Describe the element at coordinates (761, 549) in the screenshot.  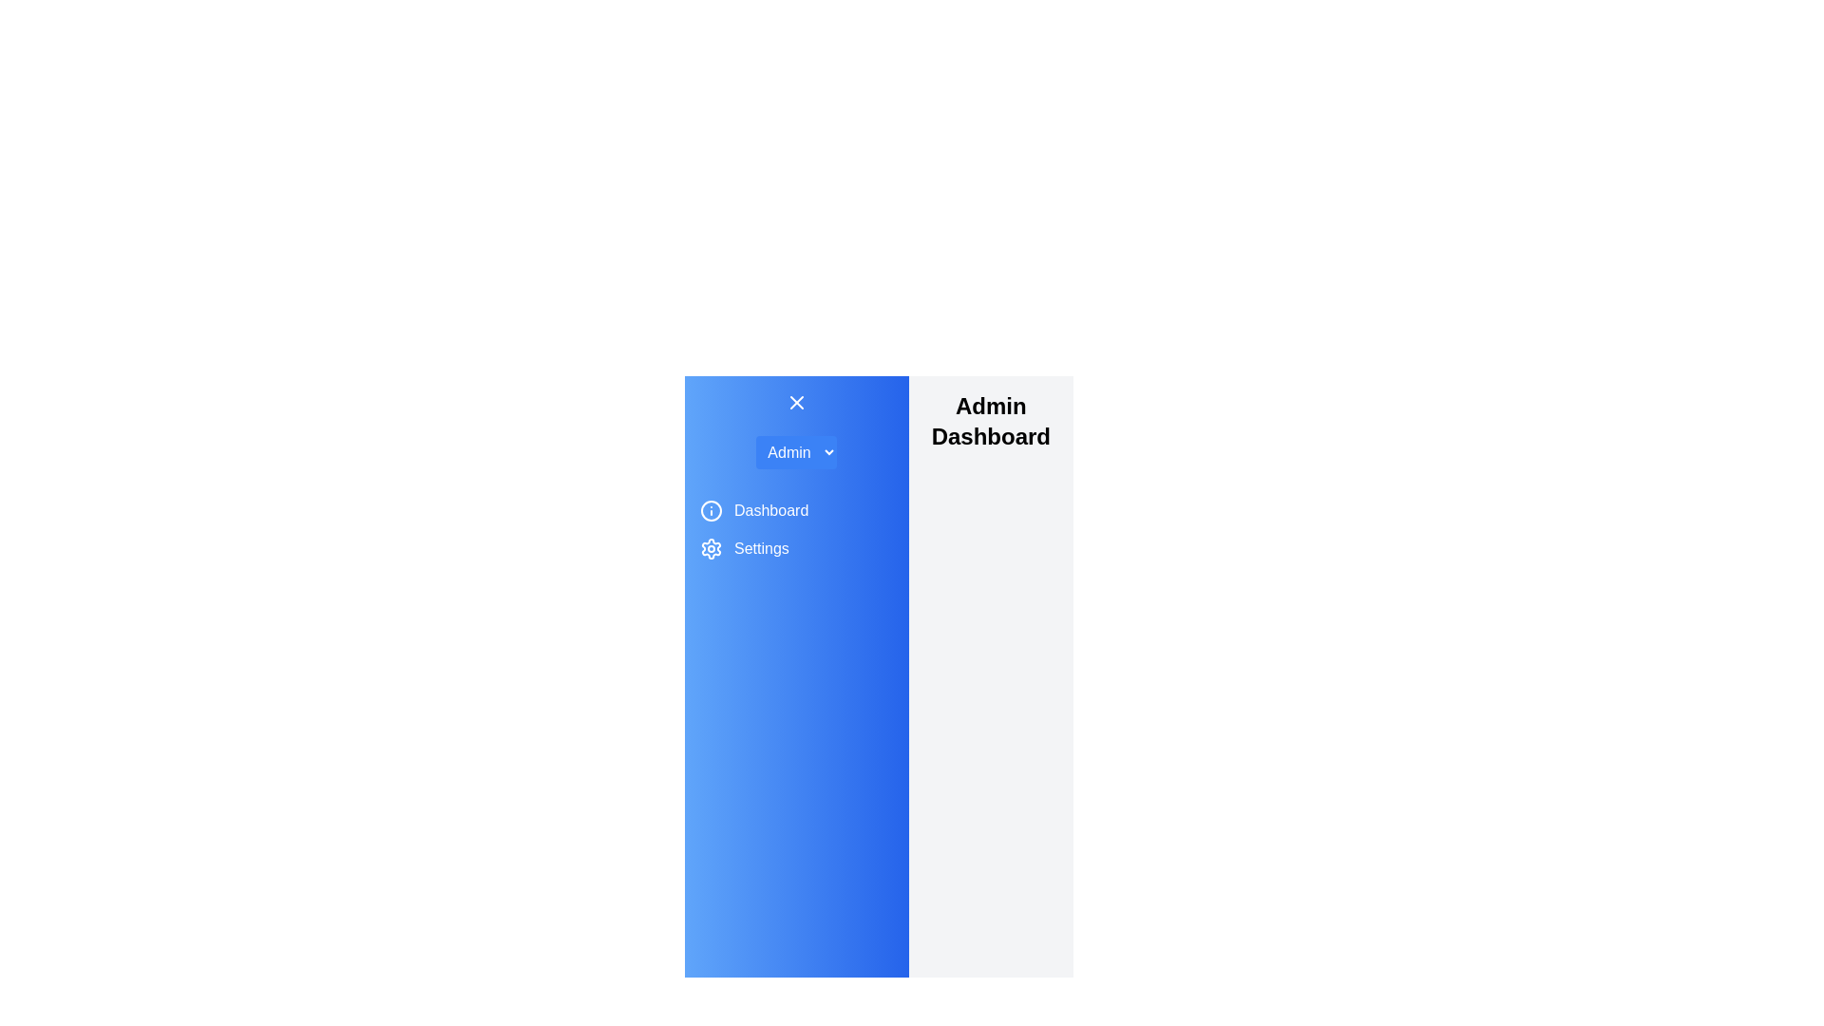
I see `the menu item labeled Settings` at that location.